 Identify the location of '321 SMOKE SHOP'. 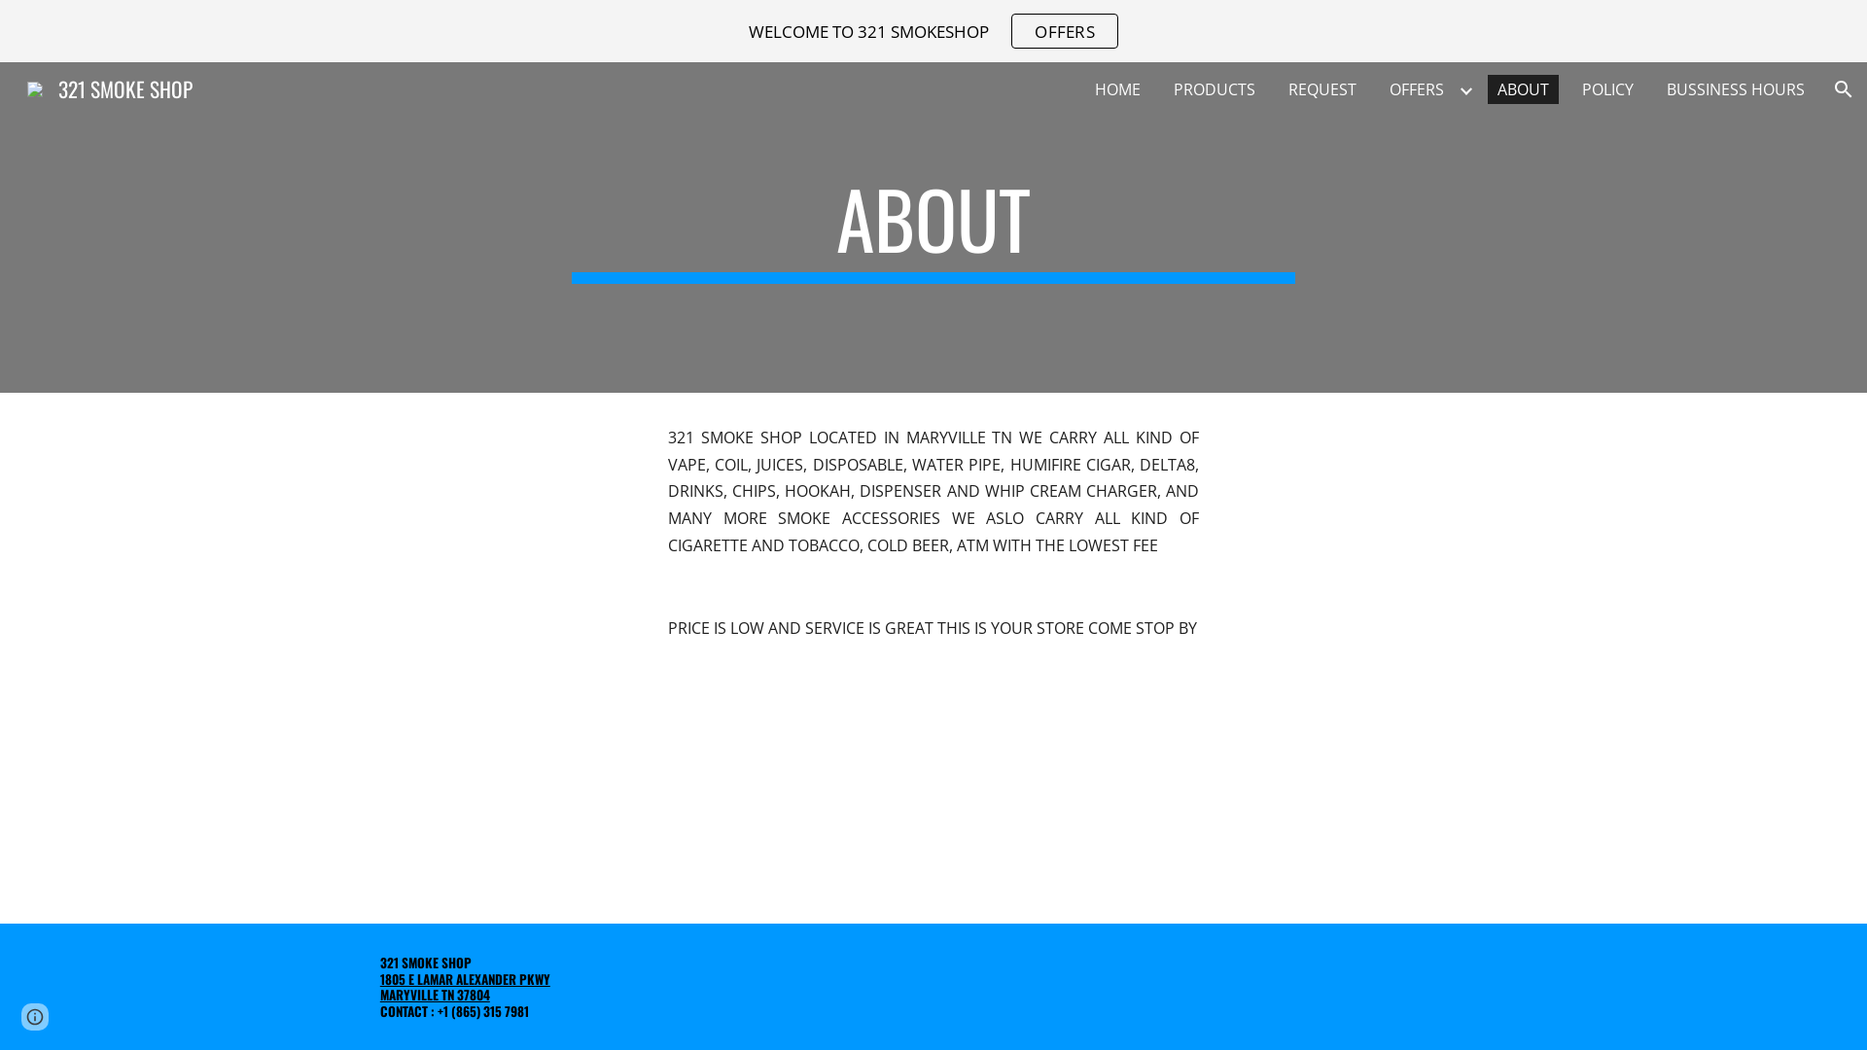
(109, 85).